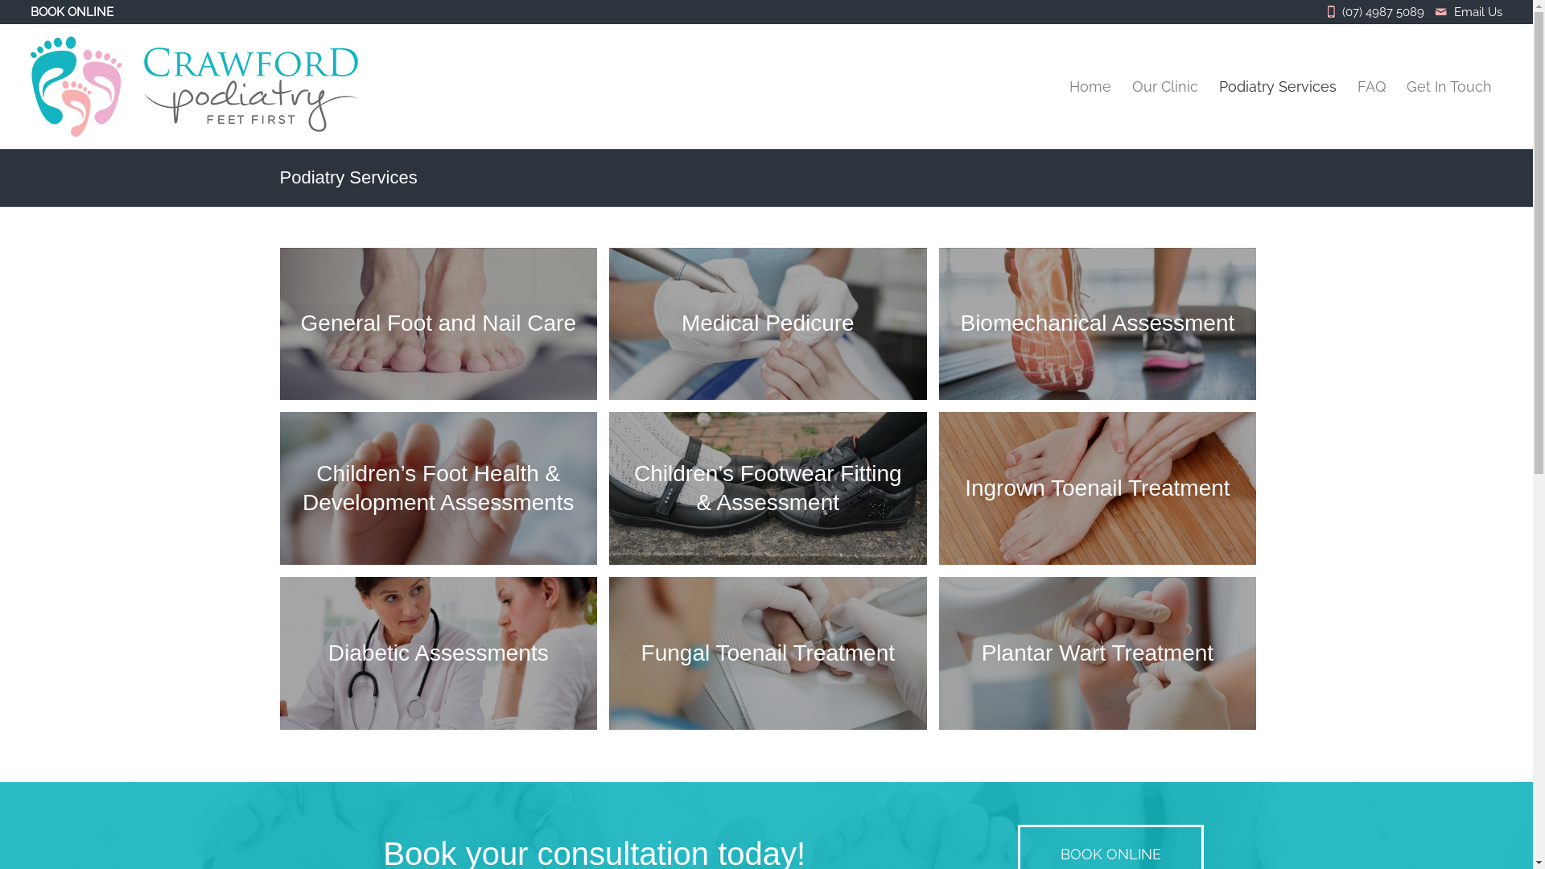 The image size is (1545, 869). What do you see at coordinates (1277, 86) in the screenshot?
I see `'Podiatry Services'` at bounding box center [1277, 86].